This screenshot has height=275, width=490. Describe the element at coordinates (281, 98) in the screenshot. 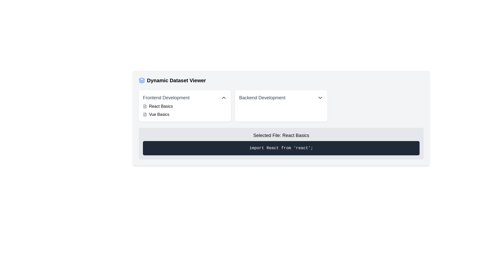

I see `the dropdown trigger located at the top-right of the interface` at that location.